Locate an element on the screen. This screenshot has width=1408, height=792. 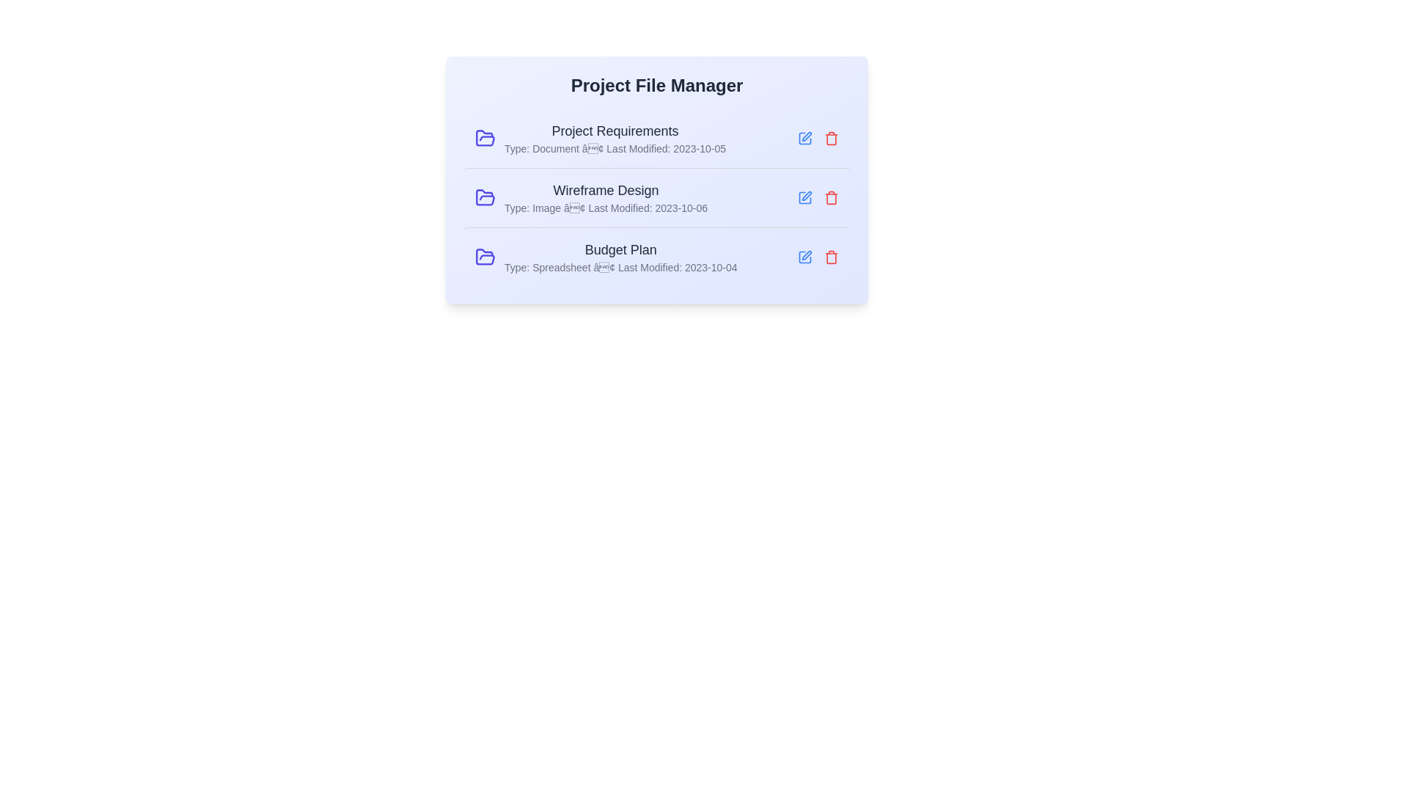
the row corresponding to Project Requirements is located at coordinates (656, 139).